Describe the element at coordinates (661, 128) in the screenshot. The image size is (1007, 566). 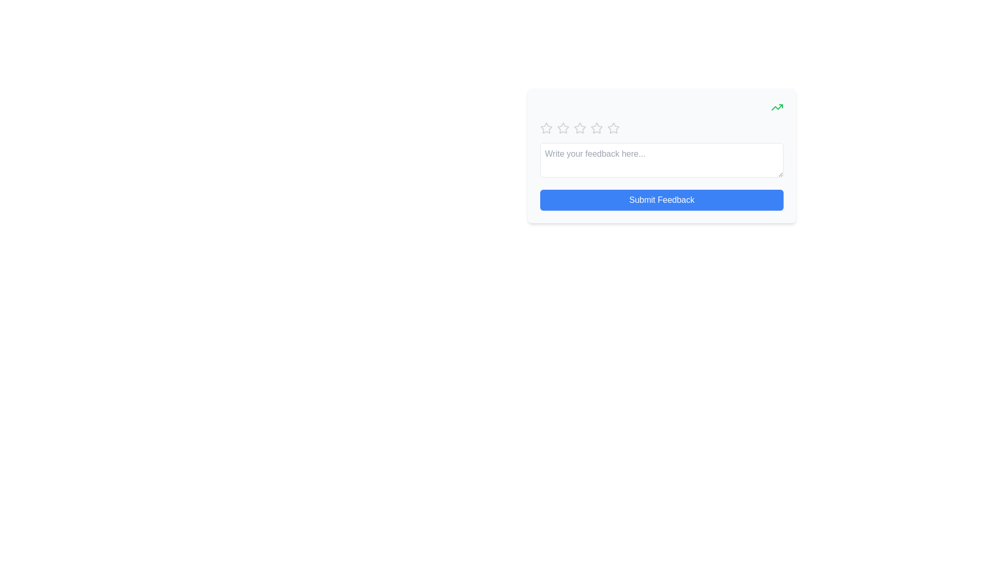
I see `the second star of the interactive rating component` at that location.